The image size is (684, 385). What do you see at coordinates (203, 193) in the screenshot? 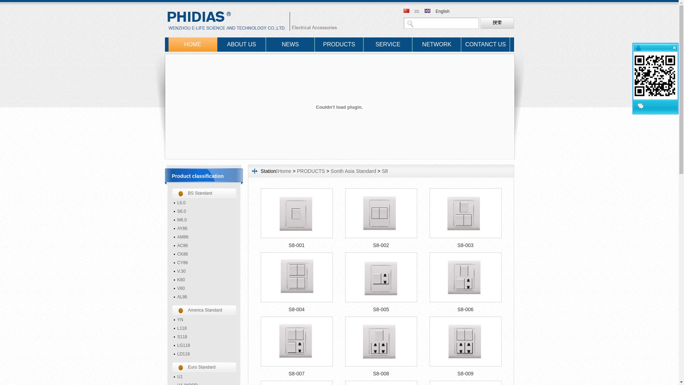
I see `'BS Standard'` at bounding box center [203, 193].